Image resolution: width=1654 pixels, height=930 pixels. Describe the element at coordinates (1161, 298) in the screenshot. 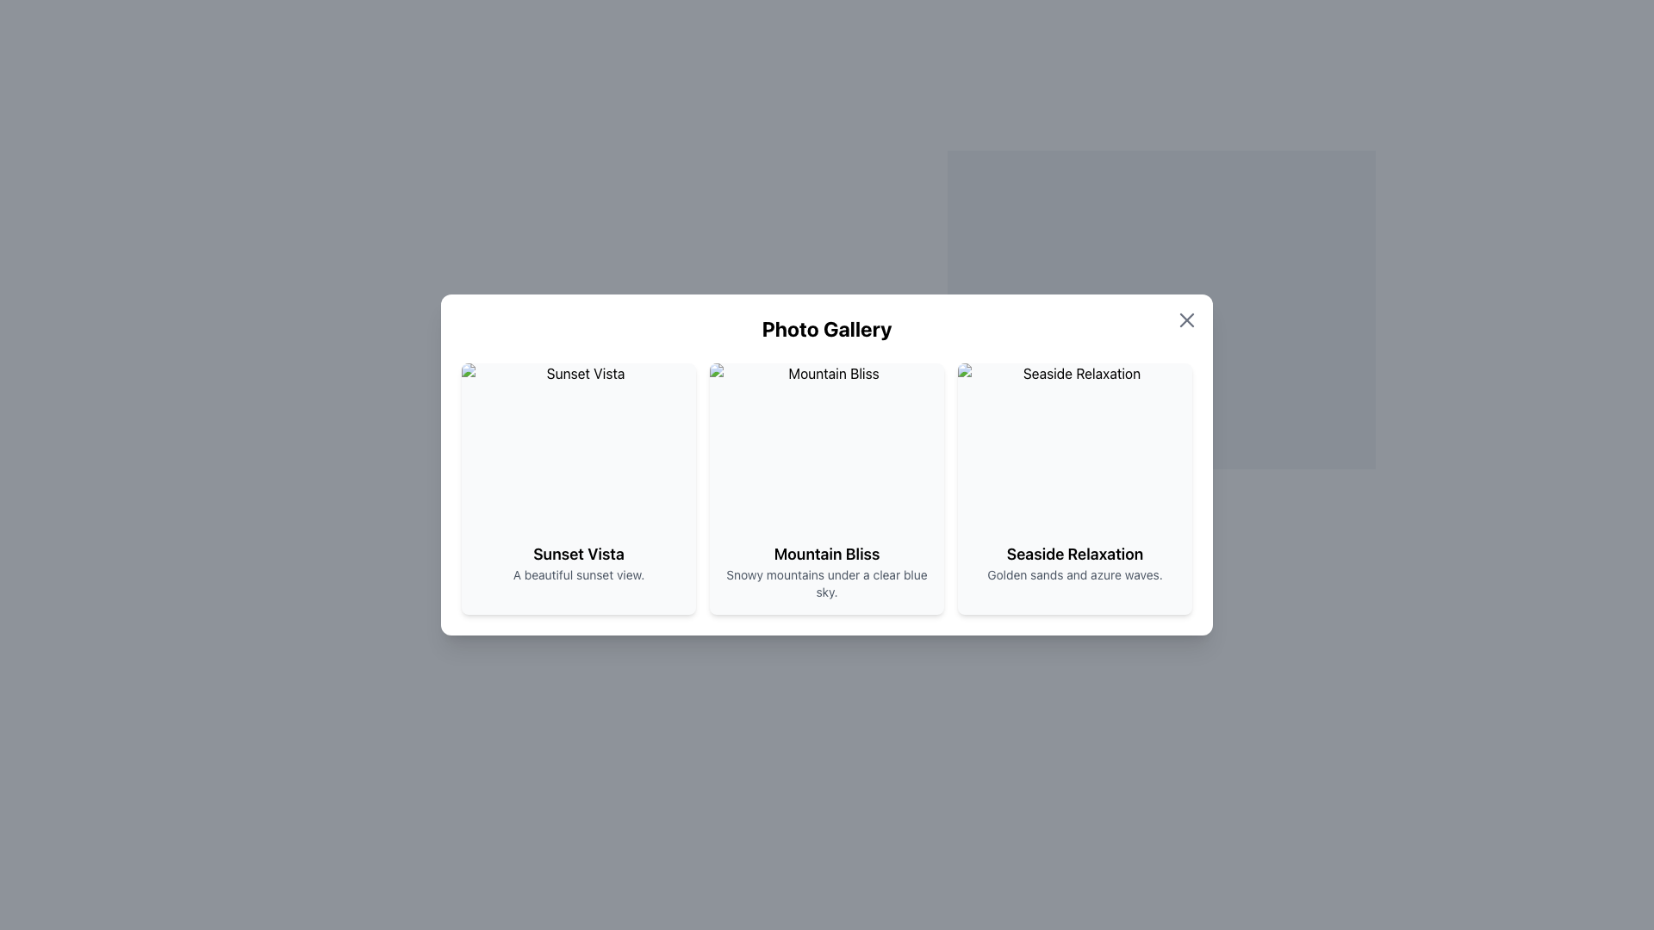

I see `the close button, a discrete cross-shaped icon at the top-right corner of the 'Photo Gallery' panel` at that location.